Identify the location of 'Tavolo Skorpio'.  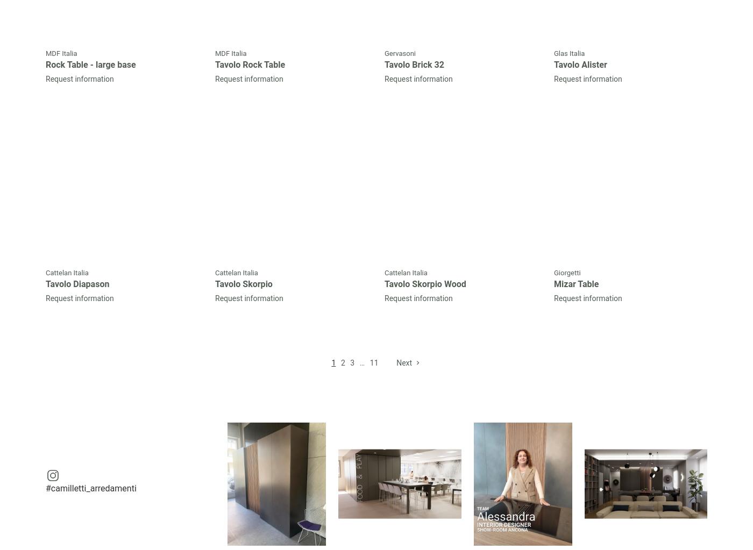
(244, 283).